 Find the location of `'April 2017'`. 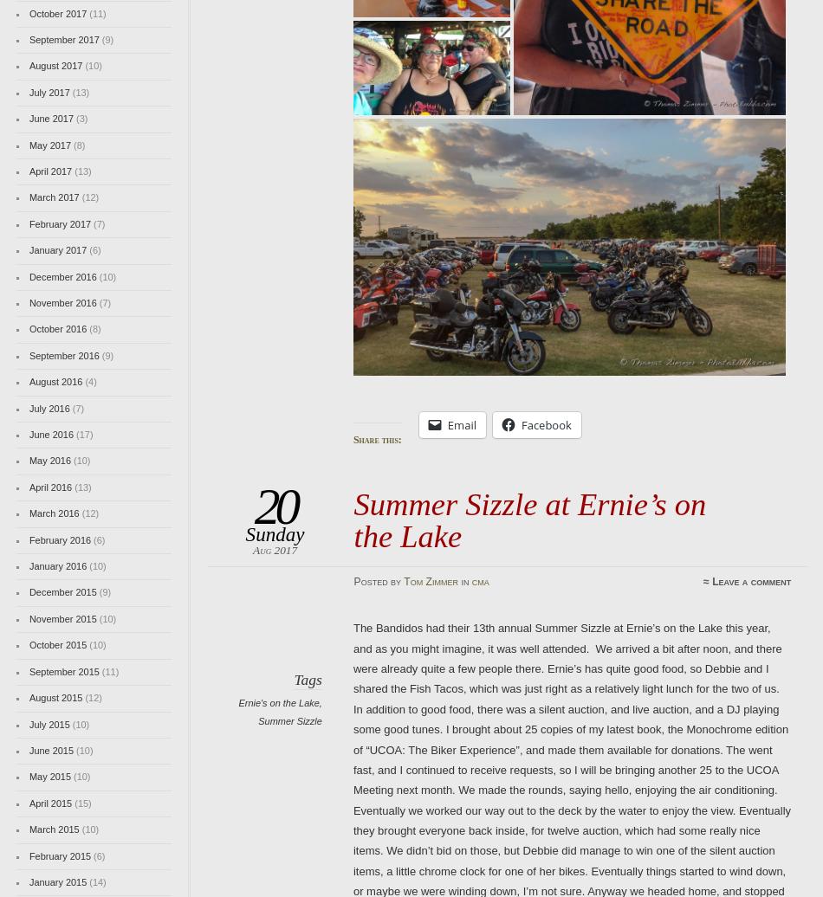

'April 2017' is located at coordinates (50, 171).